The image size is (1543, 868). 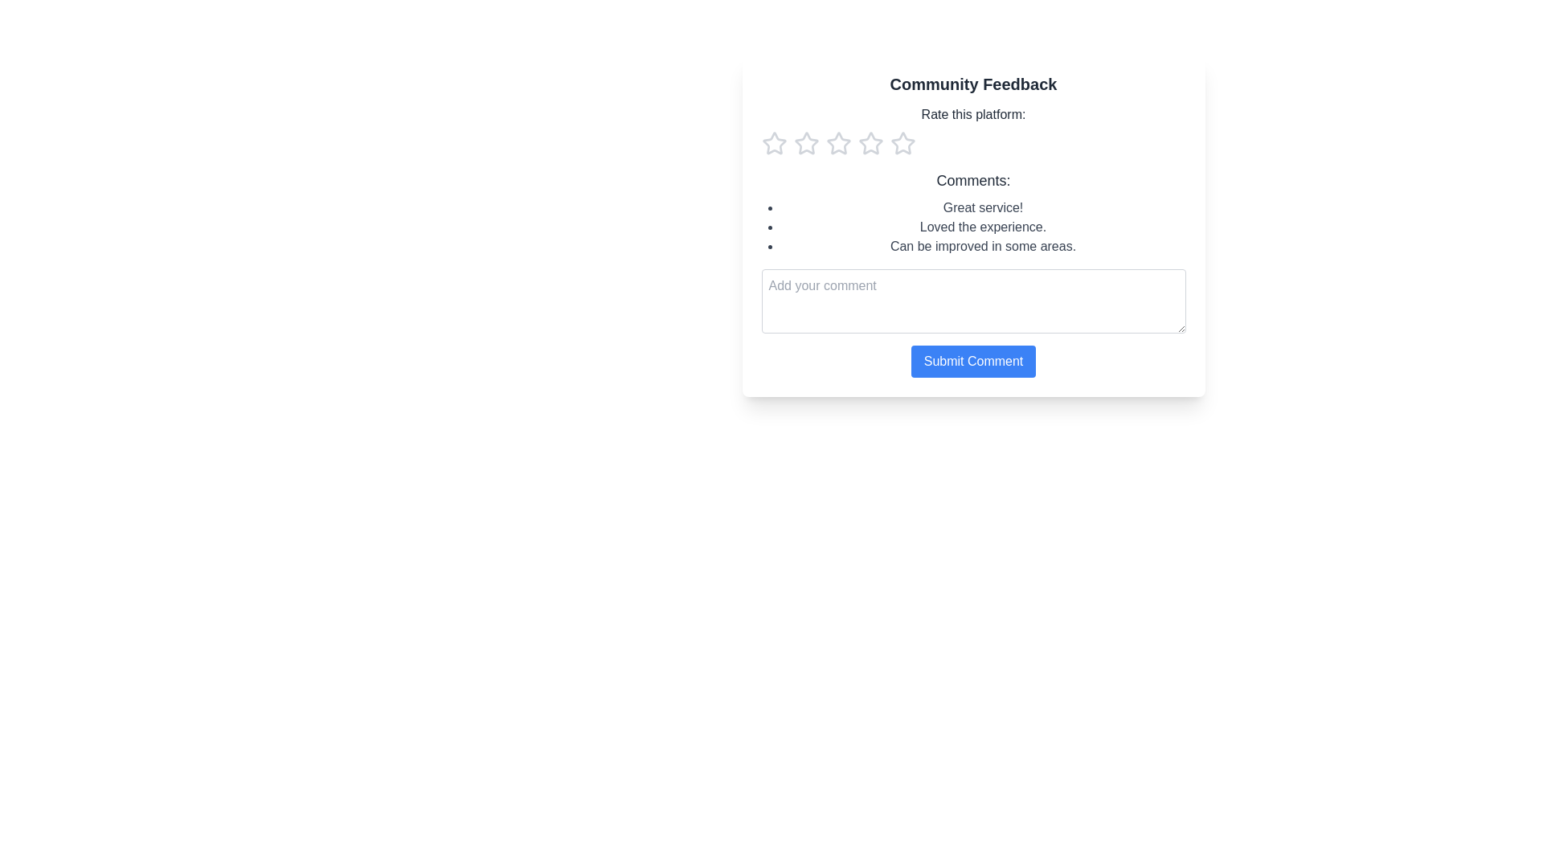 I want to click on the text label that reads 'Can be improved in some areas.', which is the third item in a bulleted list of feedback comments under the heading 'Comments', so click(x=982, y=247).